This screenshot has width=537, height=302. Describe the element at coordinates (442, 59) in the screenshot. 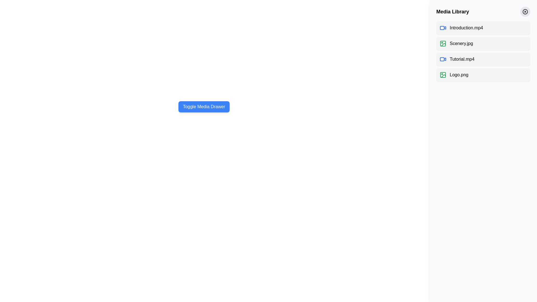

I see `the video type icon associated with the 'Tutorial.mp4' file in the media library panel, located in the top-right section of the interface` at that location.